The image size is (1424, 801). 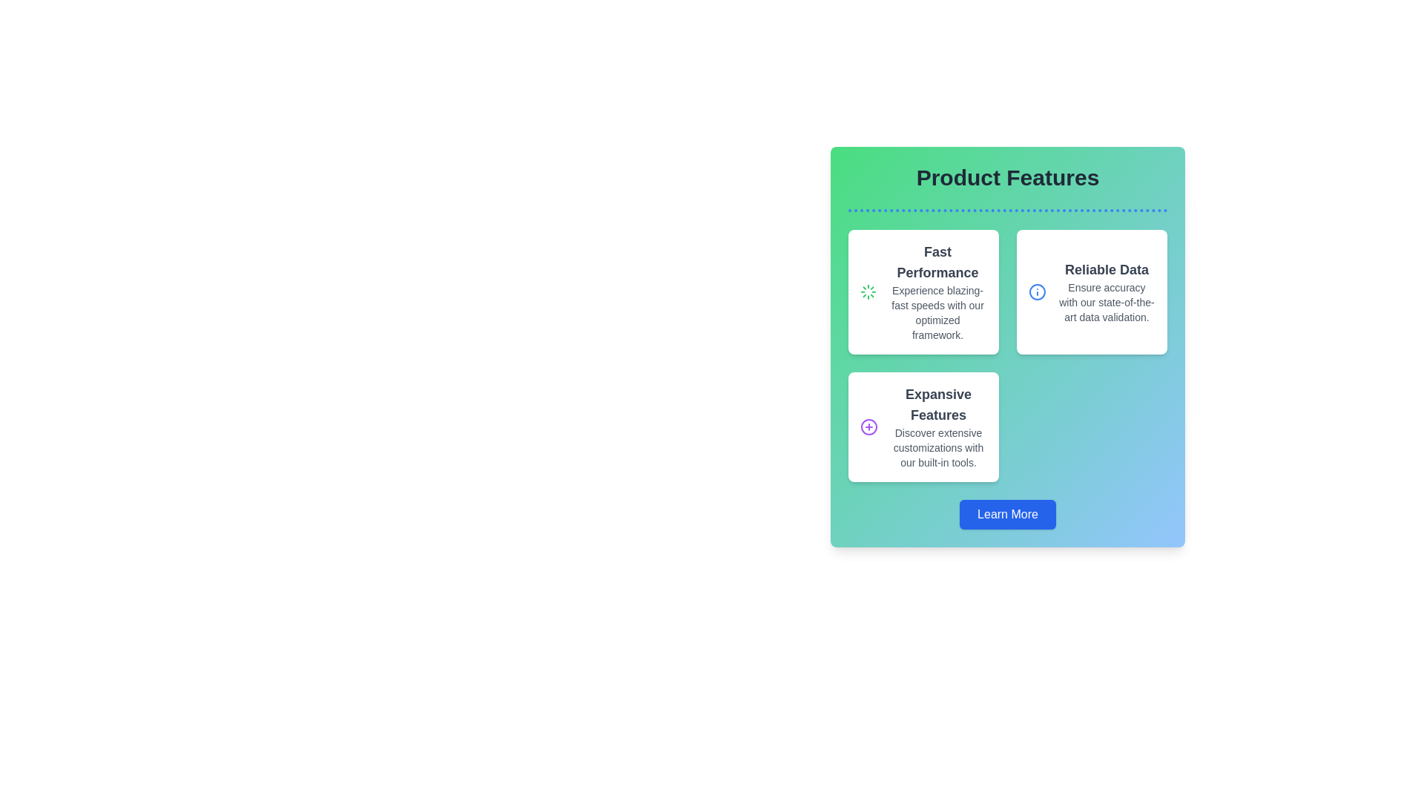 I want to click on the circular icon located at the bottom-left of the card with the title 'Expansive Features', so click(x=868, y=426).